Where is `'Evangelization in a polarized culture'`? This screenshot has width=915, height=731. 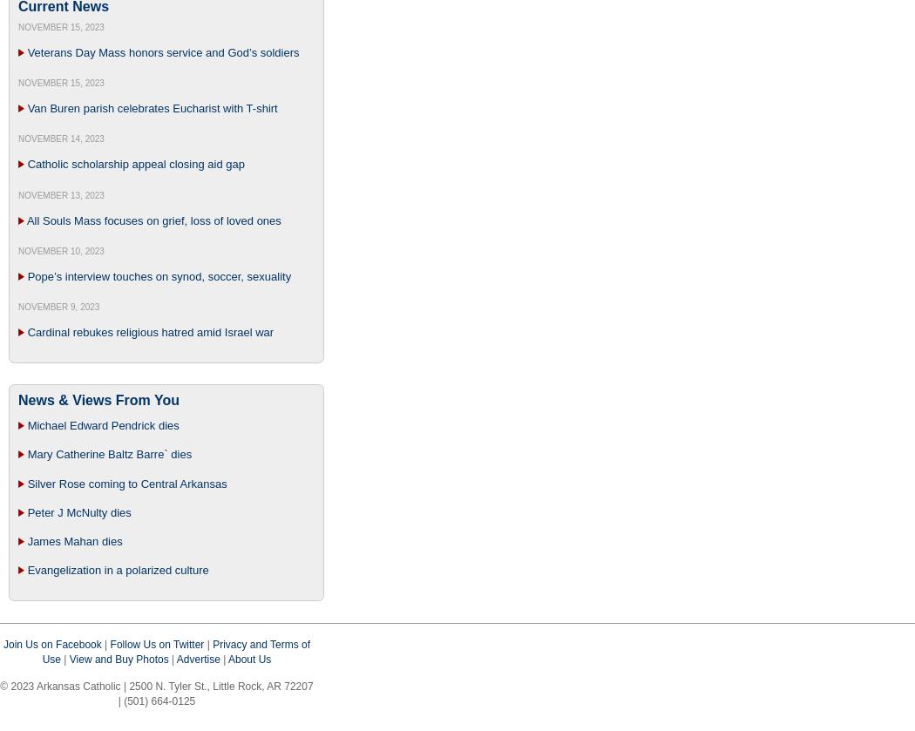 'Evangelization in a polarized culture' is located at coordinates (117, 569).